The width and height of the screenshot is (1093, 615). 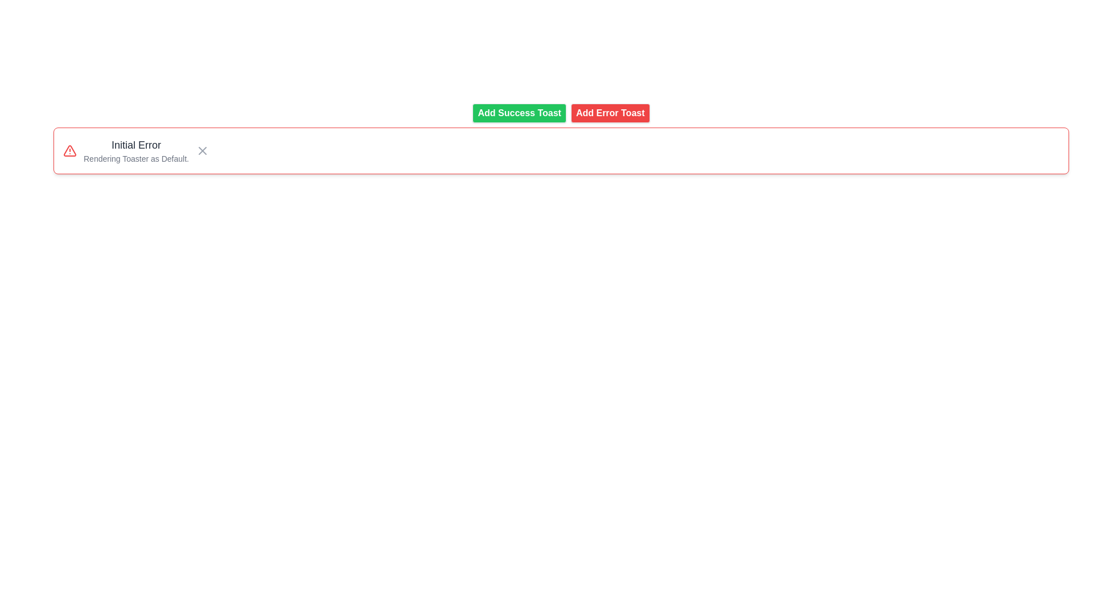 What do you see at coordinates (610, 113) in the screenshot?
I see `the 'Add Error Toast' button, which is a rectangular button with bold white text on a red background, to observe the color change when hovered` at bounding box center [610, 113].